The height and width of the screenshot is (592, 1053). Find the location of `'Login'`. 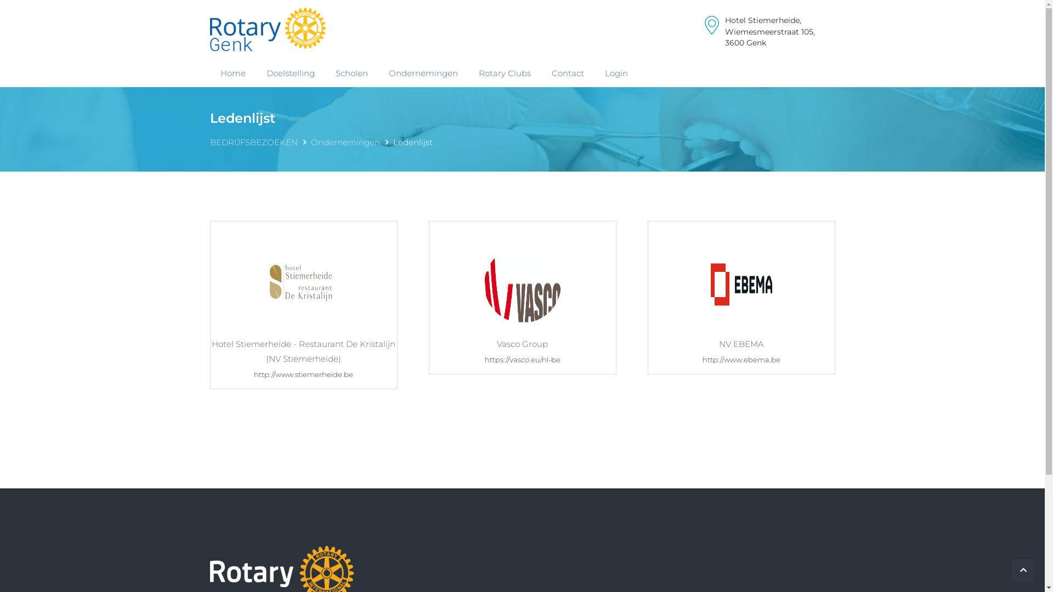

'Login' is located at coordinates (616, 73).